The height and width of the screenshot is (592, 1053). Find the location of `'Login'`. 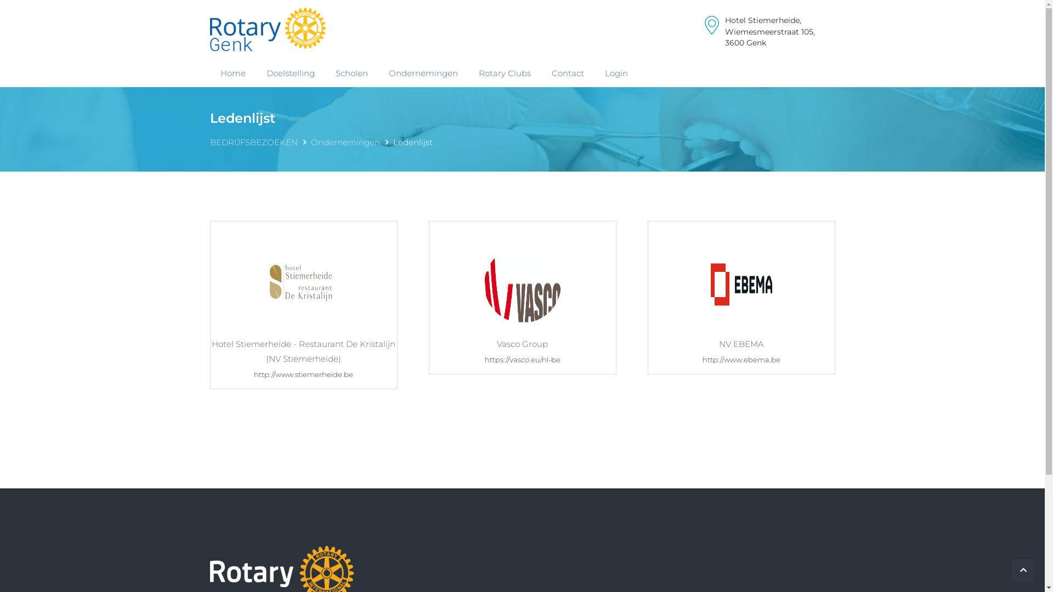

'Login' is located at coordinates (616, 73).